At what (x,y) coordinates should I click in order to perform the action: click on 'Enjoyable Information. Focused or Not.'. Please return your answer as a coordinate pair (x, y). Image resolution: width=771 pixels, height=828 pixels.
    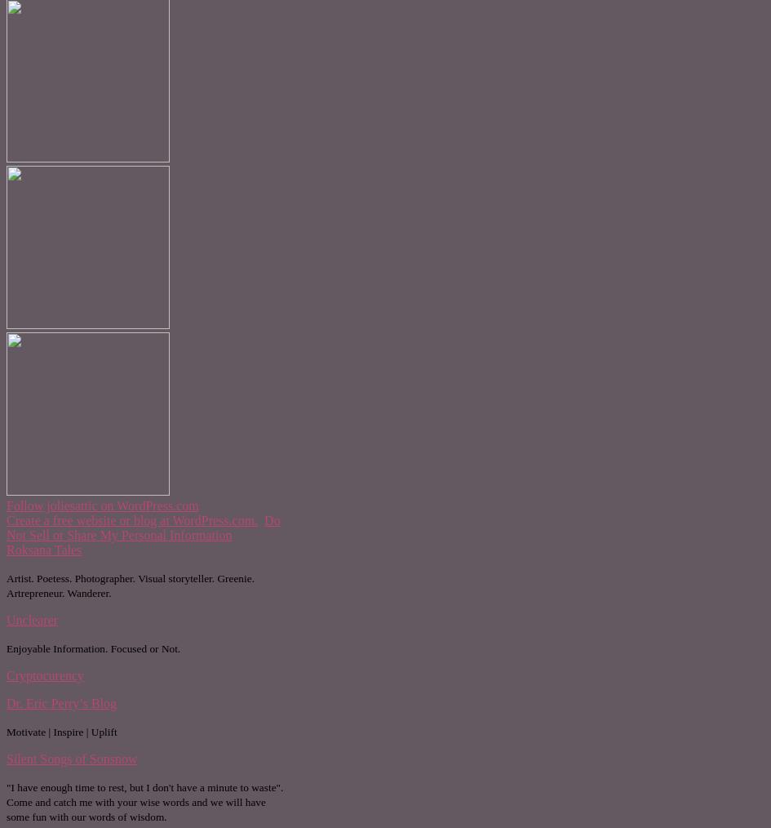
    Looking at the image, I should click on (7, 648).